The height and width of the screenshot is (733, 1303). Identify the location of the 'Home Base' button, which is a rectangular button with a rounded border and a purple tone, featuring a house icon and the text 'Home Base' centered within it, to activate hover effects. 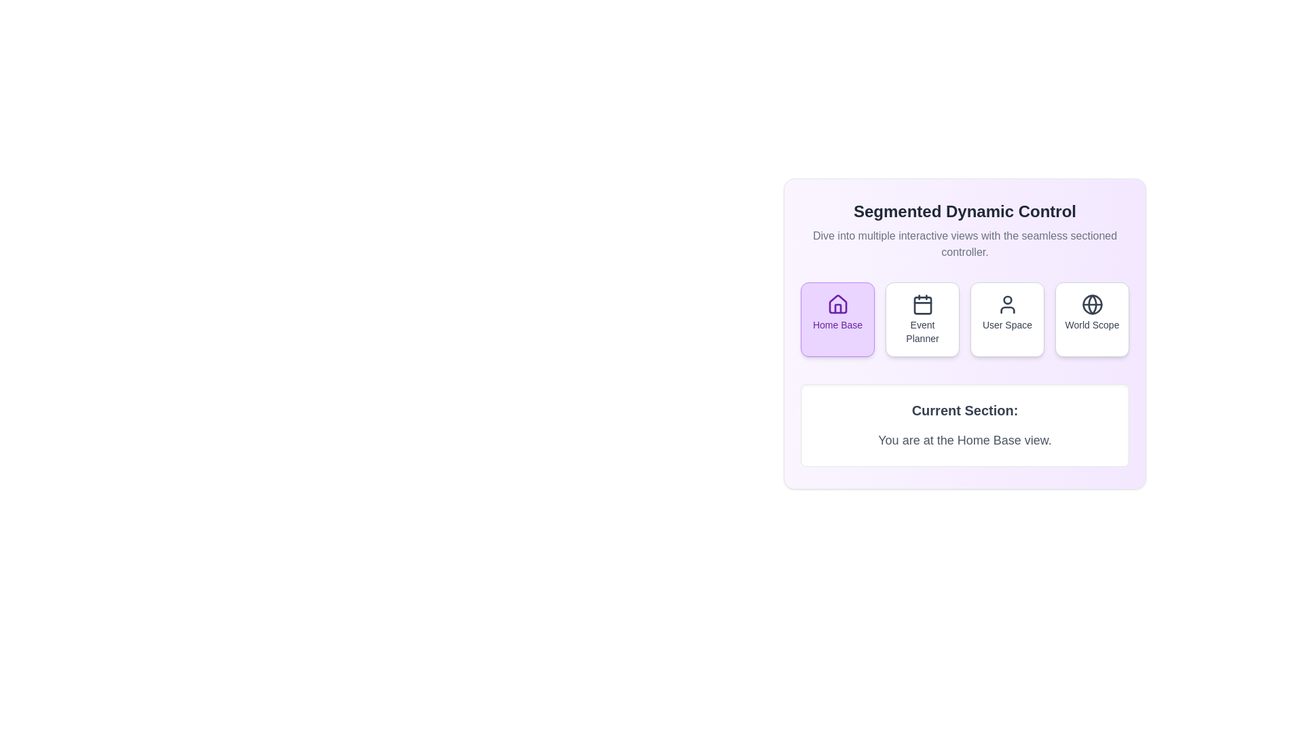
(837, 319).